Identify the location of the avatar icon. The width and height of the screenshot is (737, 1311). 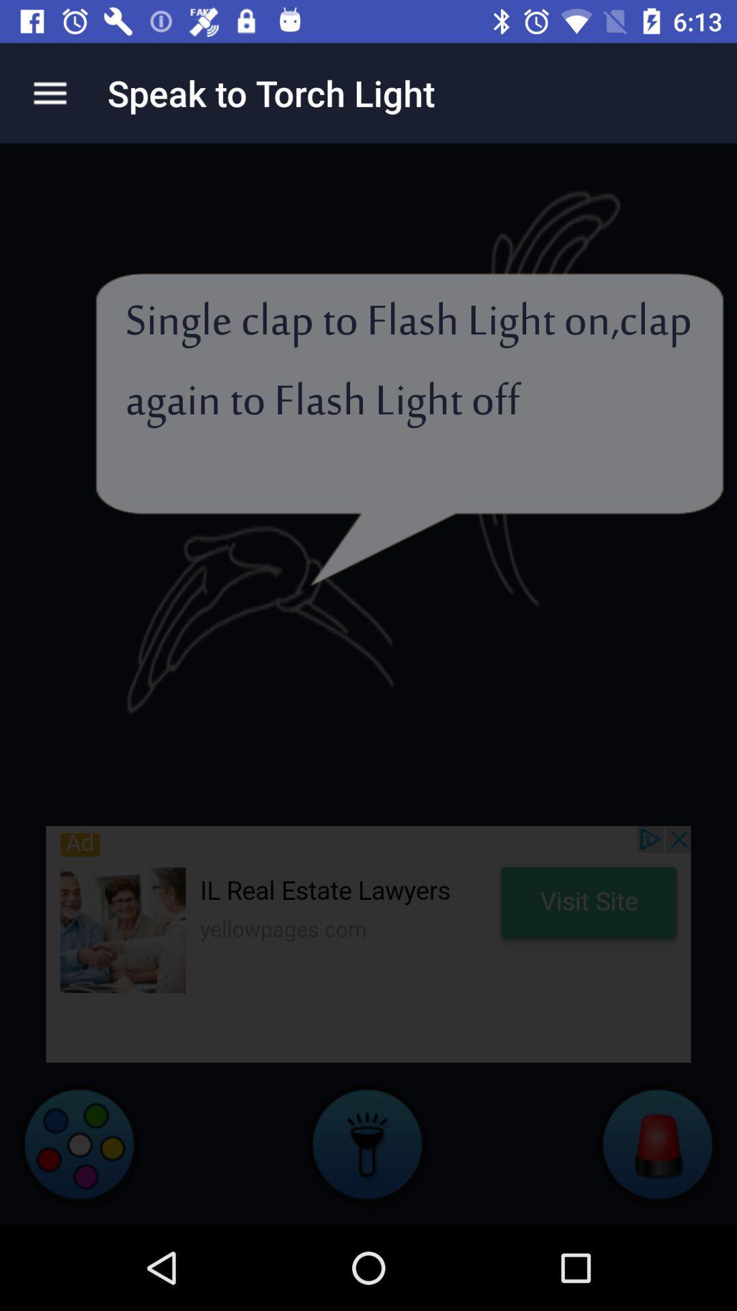
(656, 1144).